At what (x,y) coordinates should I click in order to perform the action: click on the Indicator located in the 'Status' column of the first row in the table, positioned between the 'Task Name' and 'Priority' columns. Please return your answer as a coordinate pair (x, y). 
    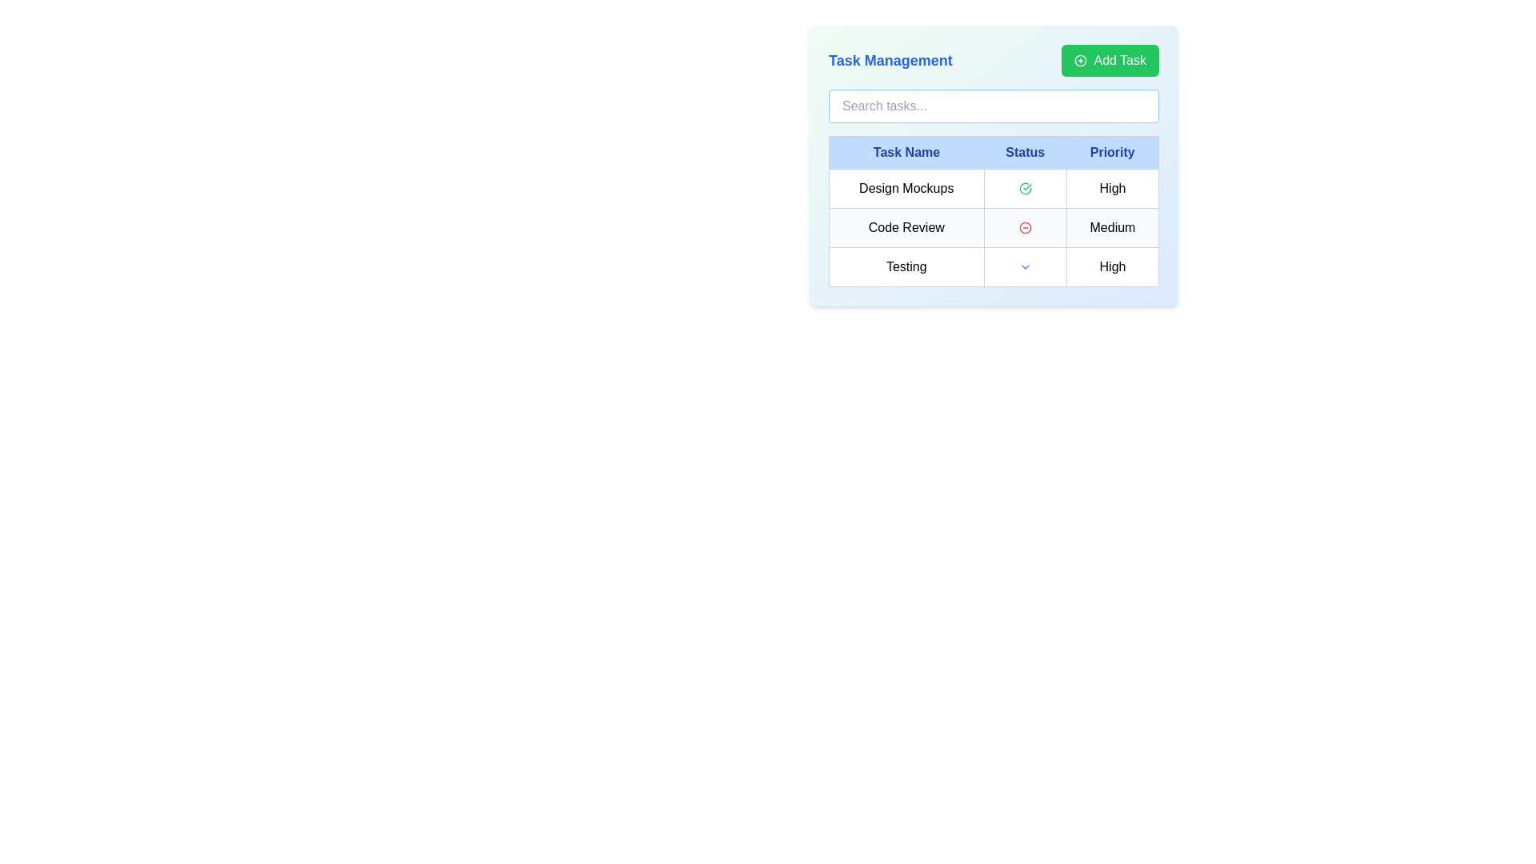
    Looking at the image, I should click on (1025, 187).